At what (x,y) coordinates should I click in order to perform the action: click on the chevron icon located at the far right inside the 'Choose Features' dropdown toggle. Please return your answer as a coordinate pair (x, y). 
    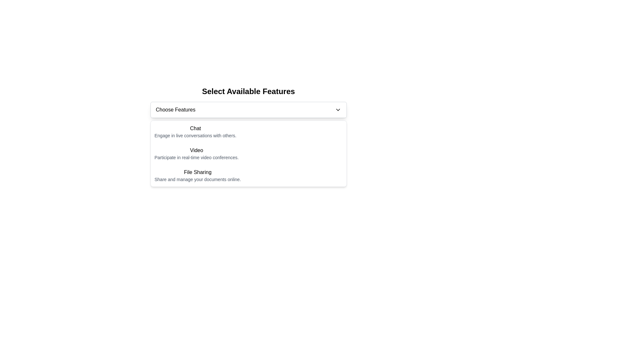
    Looking at the image, I should click on (337, 109).